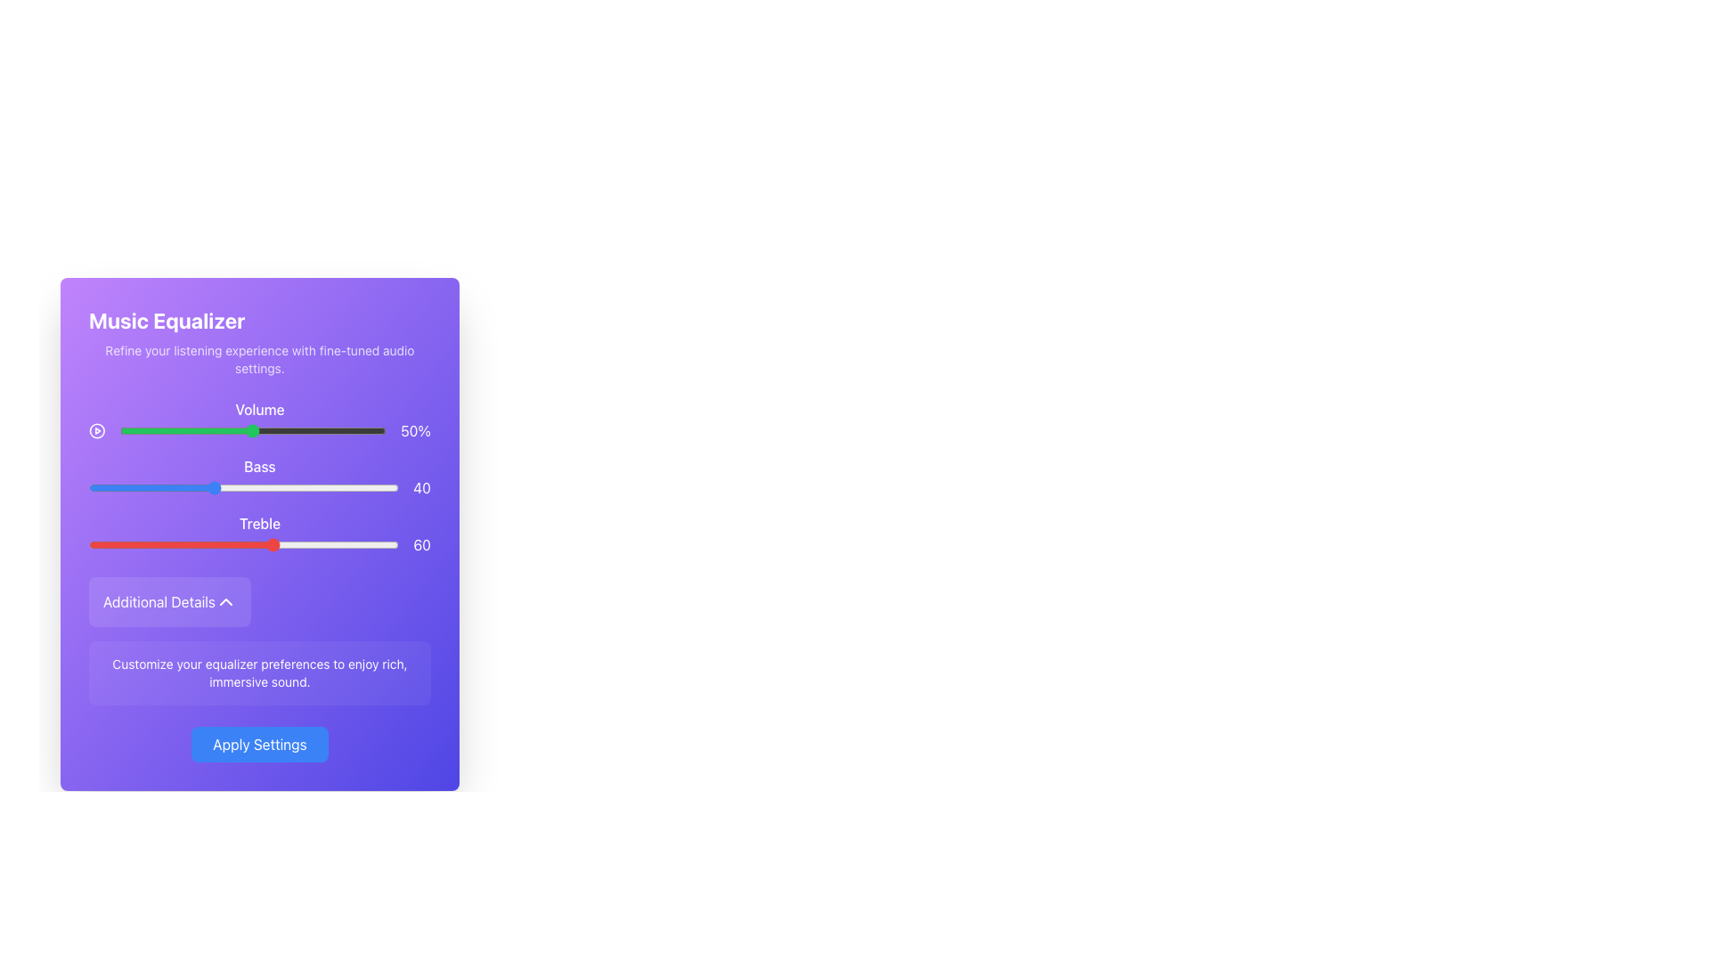 The image size is (1710, 962). Describe the element at coordinates (304, 430) in the screenshot. I see `the volume` at that location.